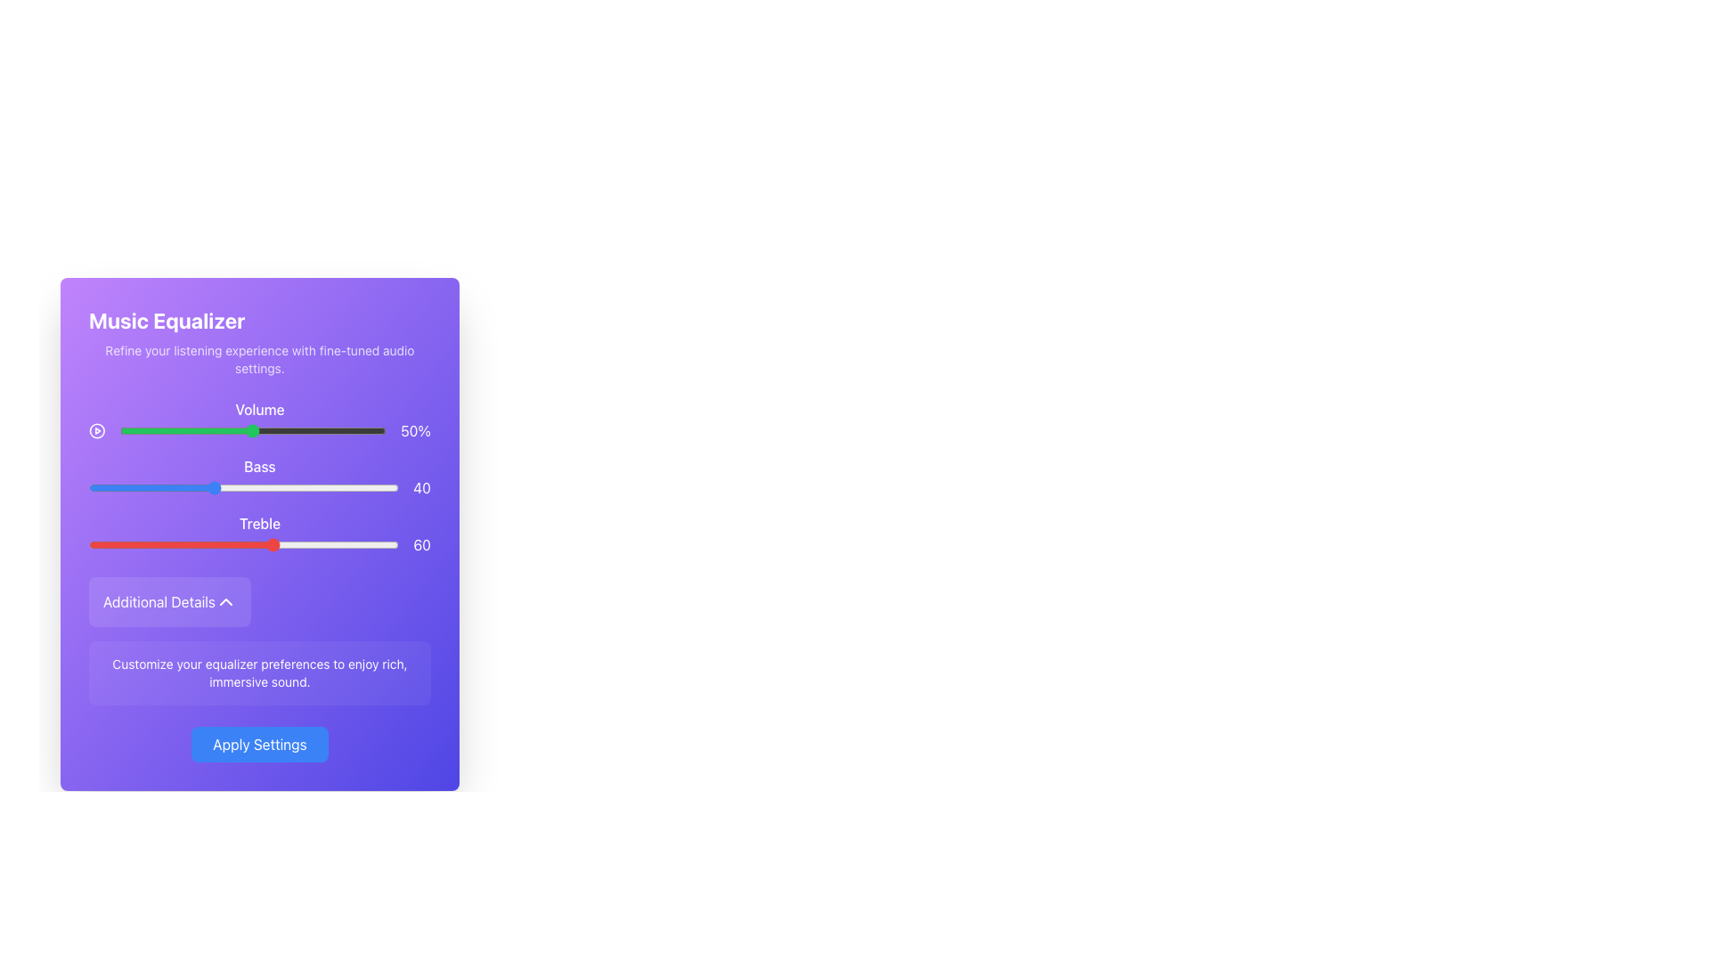 The image size is (1710, 962). Describe the element at coordinates (304, 430) in the screenshot. I see `the volume` at that location.